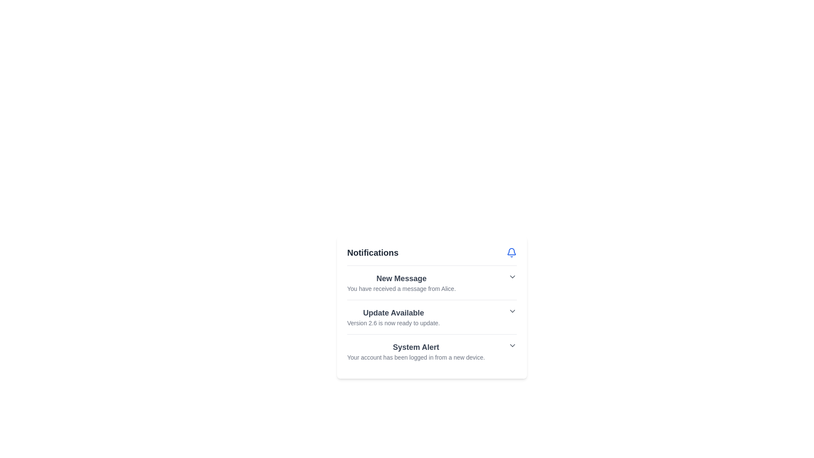 The width and height of the screenshot is (814, 458). I want to click on the ChevronDown icon of the notification titled New Message to expand or collapse it, so click(512, 276).